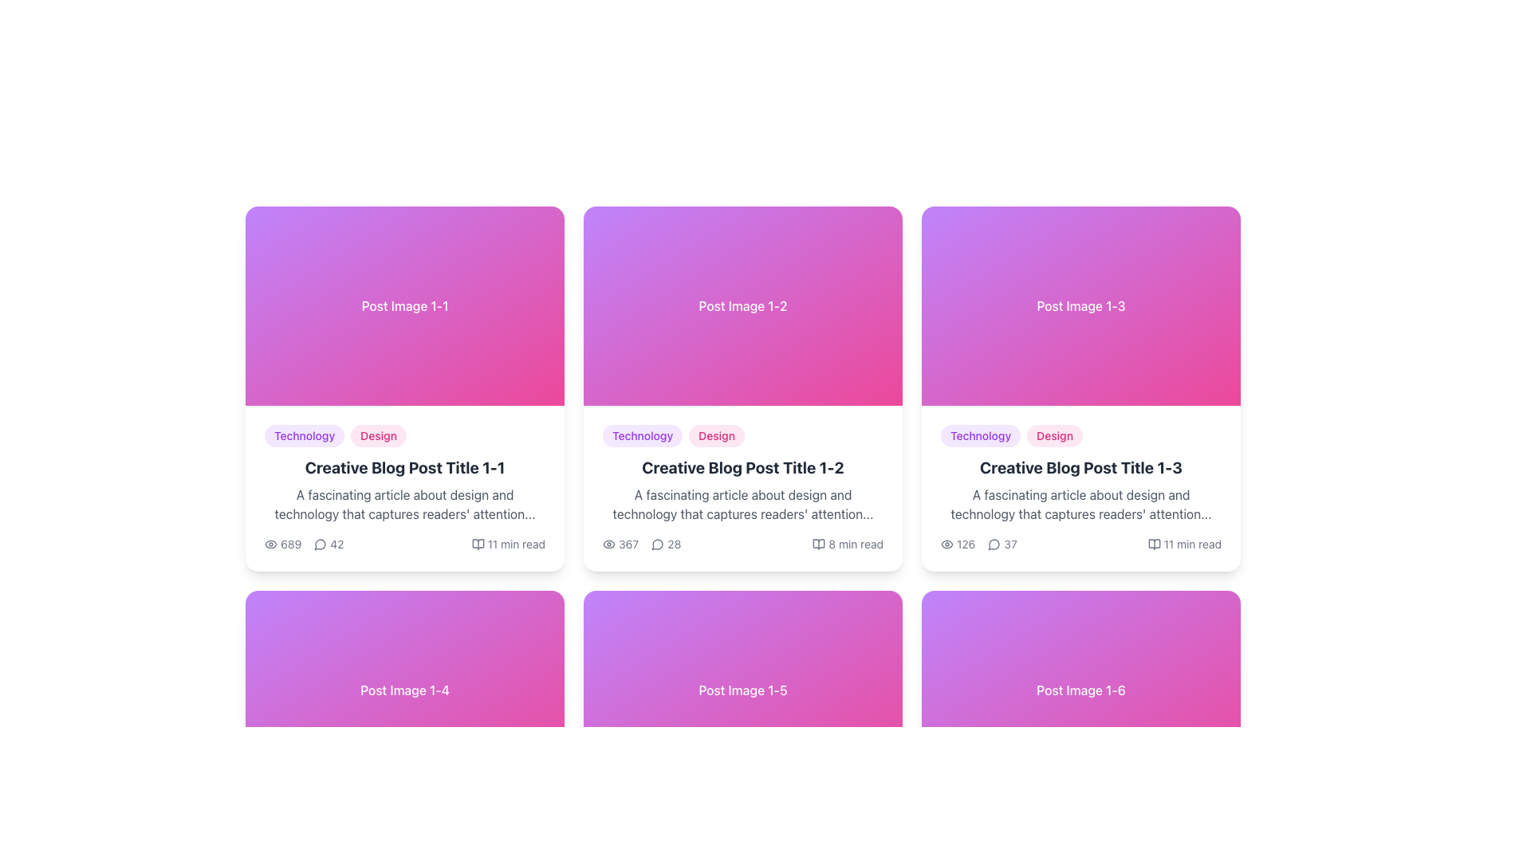 The image size is (1531, 861). Describe the element at coordinates (507, 543) in the screenshot. I see `the text label with an icon located on the lower right of the first card in the top row` at that location.